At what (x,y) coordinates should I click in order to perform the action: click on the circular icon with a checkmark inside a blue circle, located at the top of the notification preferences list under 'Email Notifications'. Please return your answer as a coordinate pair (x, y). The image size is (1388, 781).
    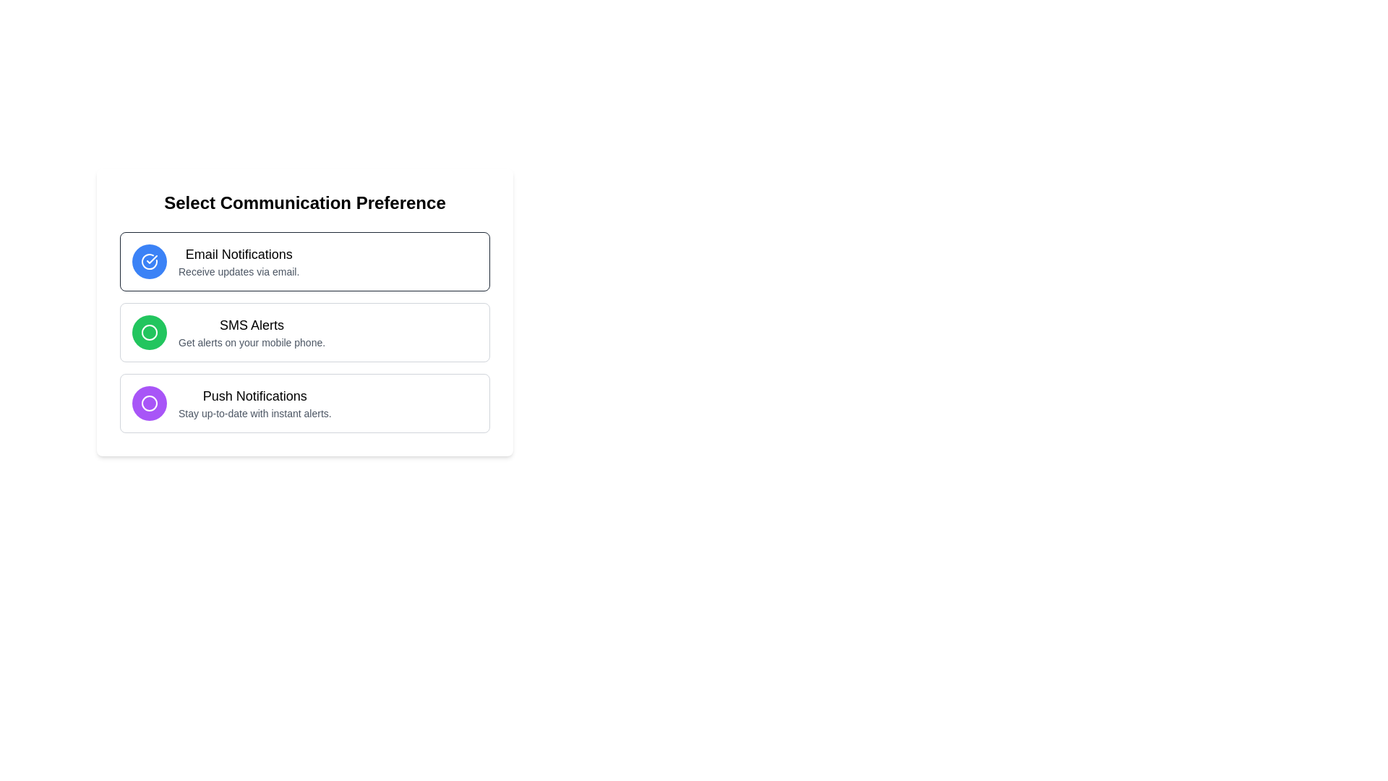
    Looking at the image, I should click on (149, 262).